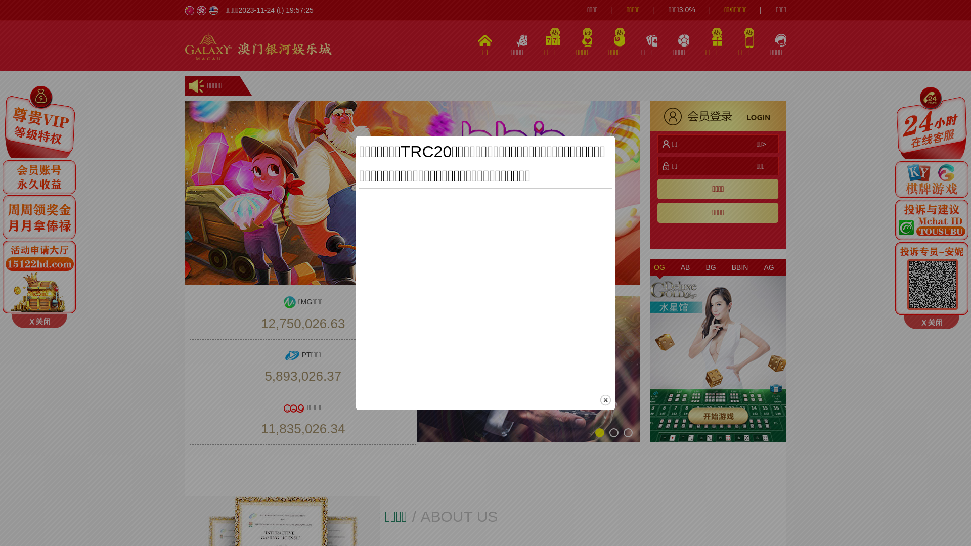 The height and width of the screenshot is (546, 971). I want to click on 'close', so click(605, 399).